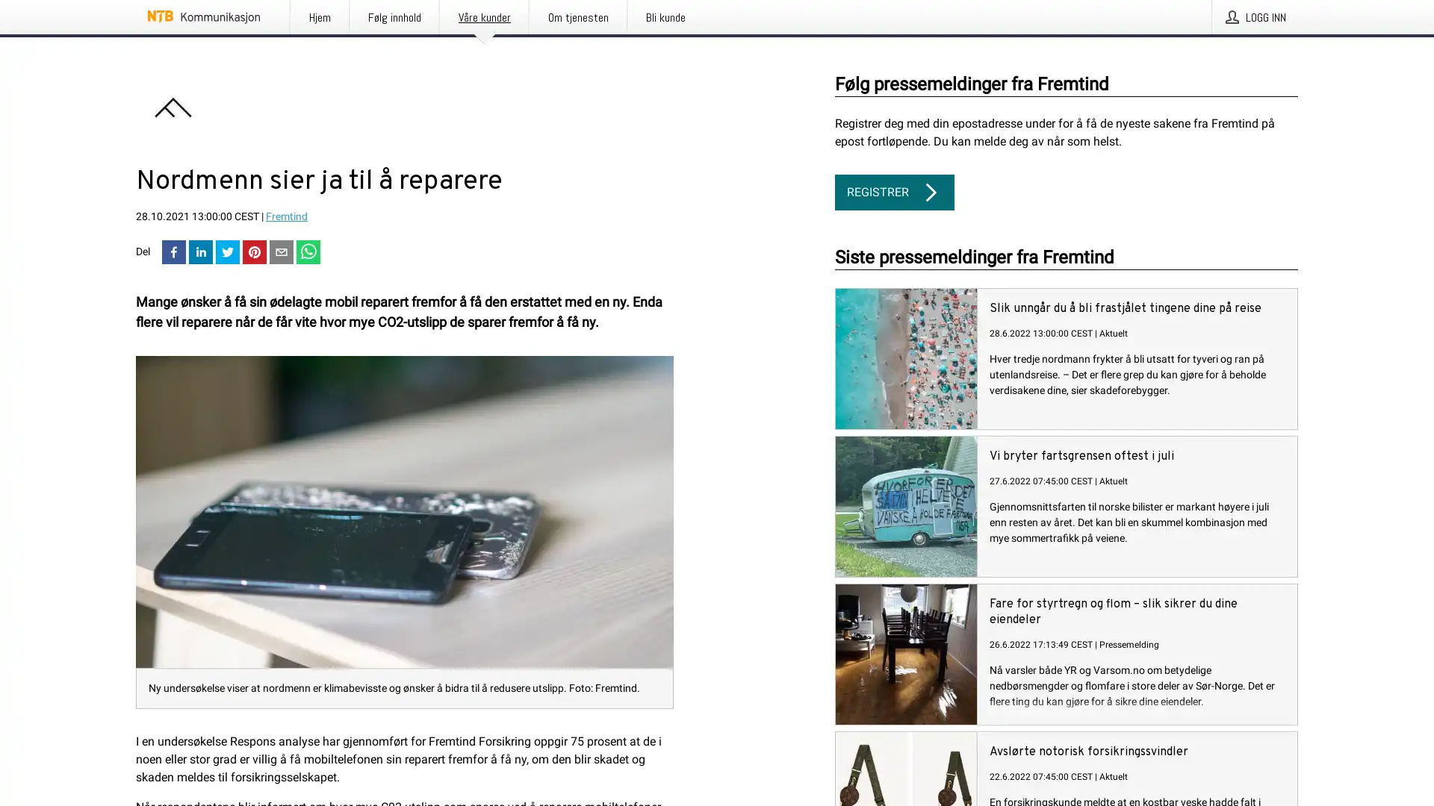 This screenshot has height=806, width=1434. I want to click on twitter, so click(227, 252).